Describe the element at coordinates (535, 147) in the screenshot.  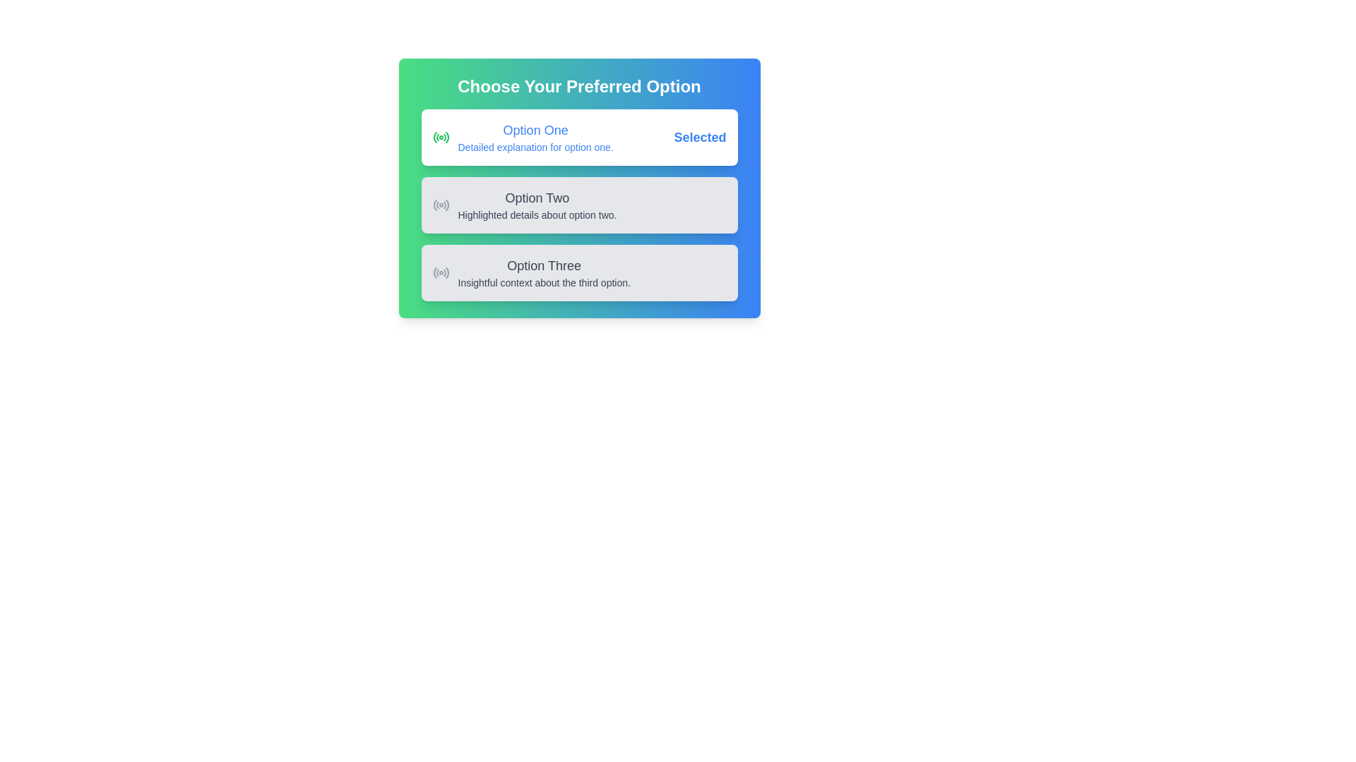
I see `detailed description of the Text Label that provides additional information related to 'Option One', which is centrally aligned below the title 'Option One'` at that location.